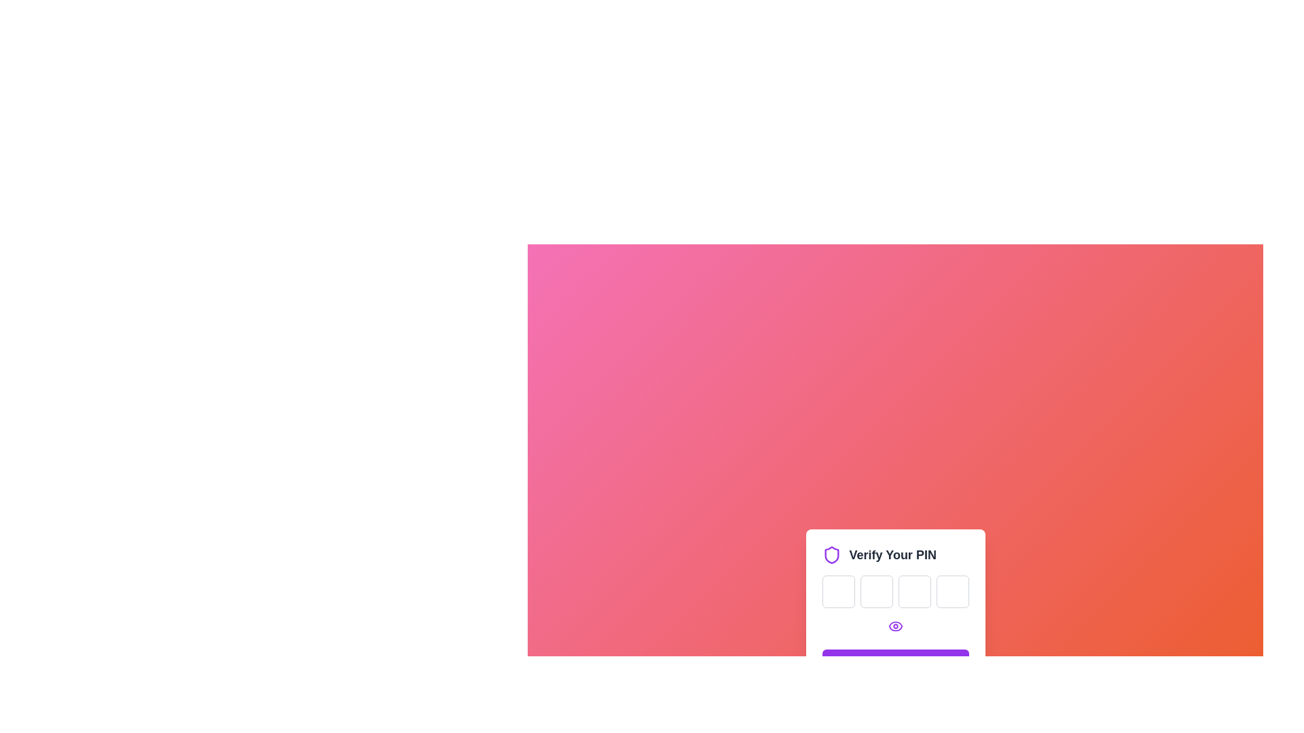  What do you see at coordinates (895, 626) in the screenshot?
I see `the purple eye icon button located below the PIN input boxes in the 'Verify Your PIN' panel` at bounding box center [895, 626].